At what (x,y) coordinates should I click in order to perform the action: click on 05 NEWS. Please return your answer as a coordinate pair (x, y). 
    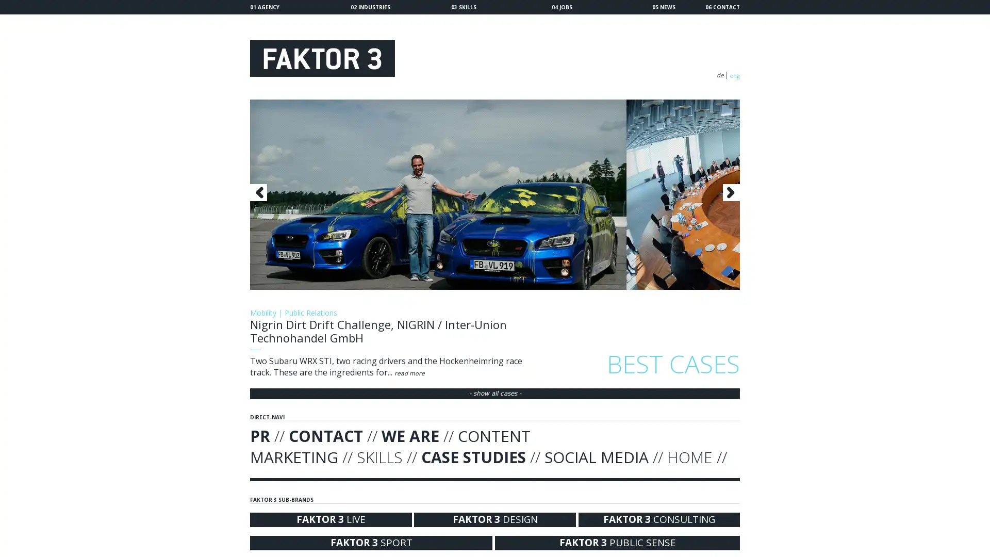
    Looking at the image, I should click on (664, 7).